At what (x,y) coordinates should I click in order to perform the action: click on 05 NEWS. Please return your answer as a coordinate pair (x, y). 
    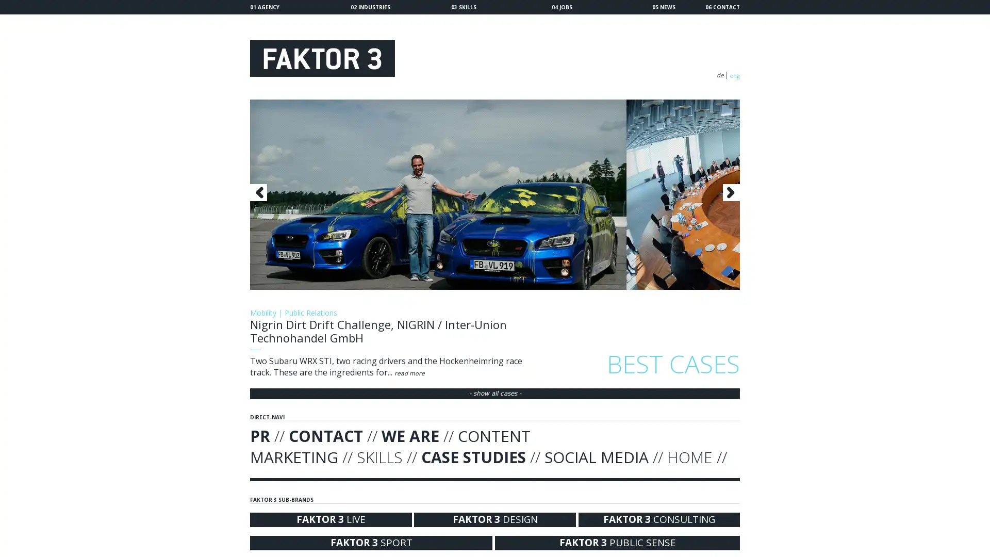
    Looking at the image, I should click on (664, 7).